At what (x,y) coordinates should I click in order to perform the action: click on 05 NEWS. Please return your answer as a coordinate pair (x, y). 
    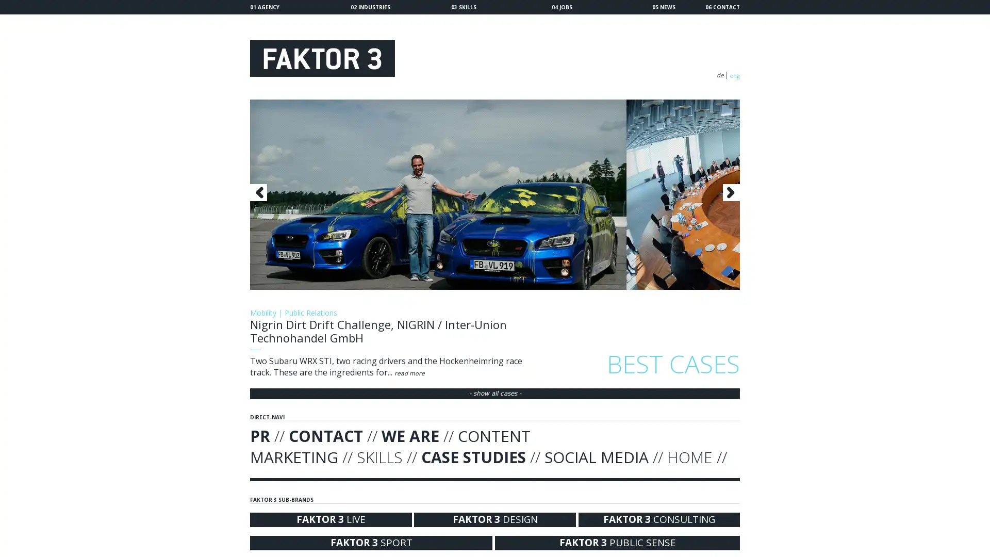
    Looking at the image, I should click on (664, 7).